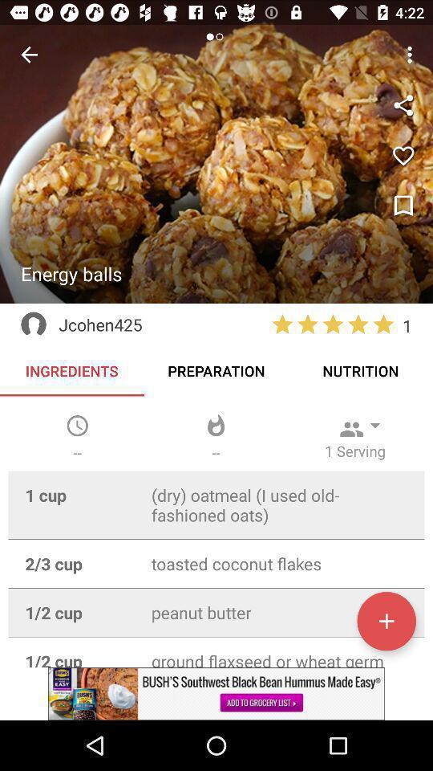  I want to click on love icon, so click(403, 156).